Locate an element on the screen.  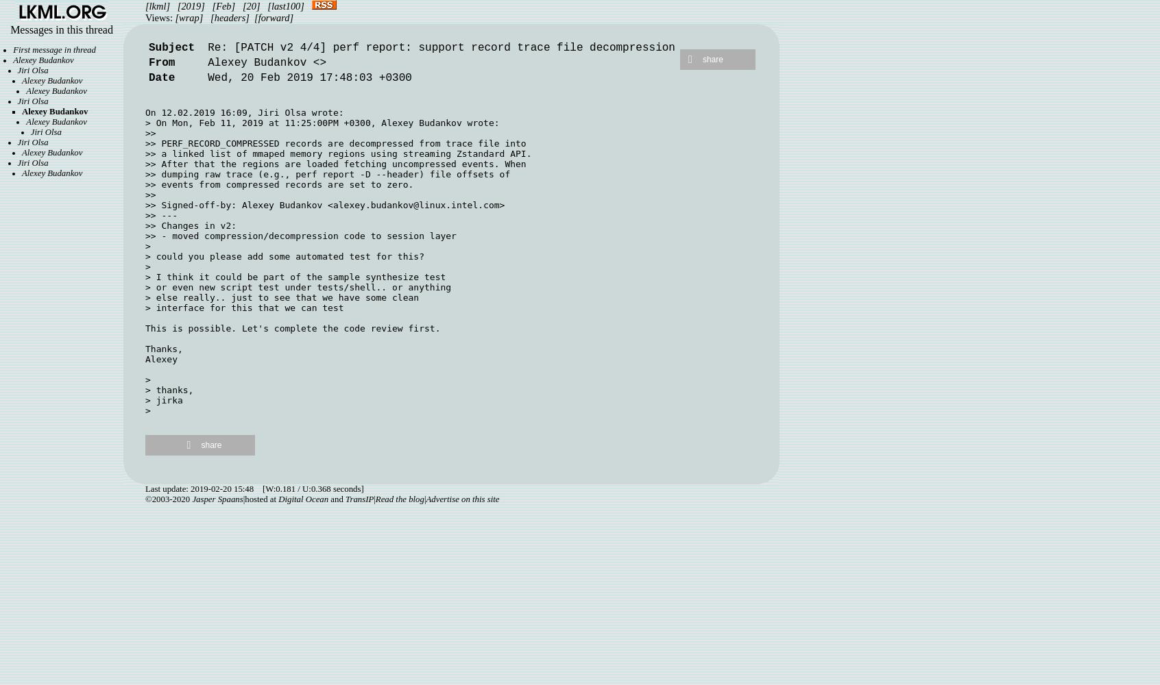
'> interface for this that we can test' is located at coordinates (244, 307).